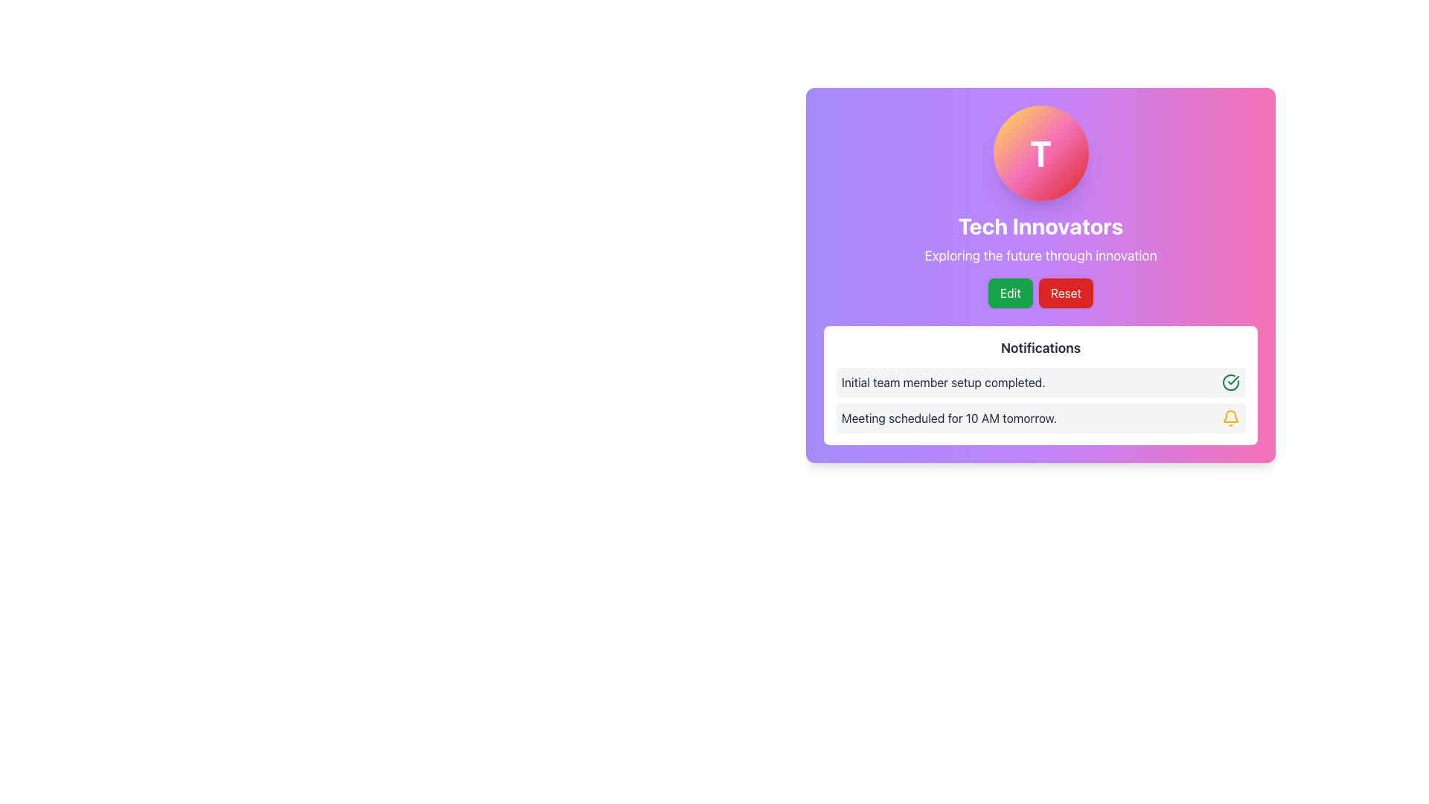 The image size is (1429, 804). Describe the element at coordinates (1040, 381) in the screenshot. I see `the first notification message in the 'Notifications' section that states 'Initial team member setup completed.' This element features a light gray background and a green check icon, indicating successful completion` at that location.